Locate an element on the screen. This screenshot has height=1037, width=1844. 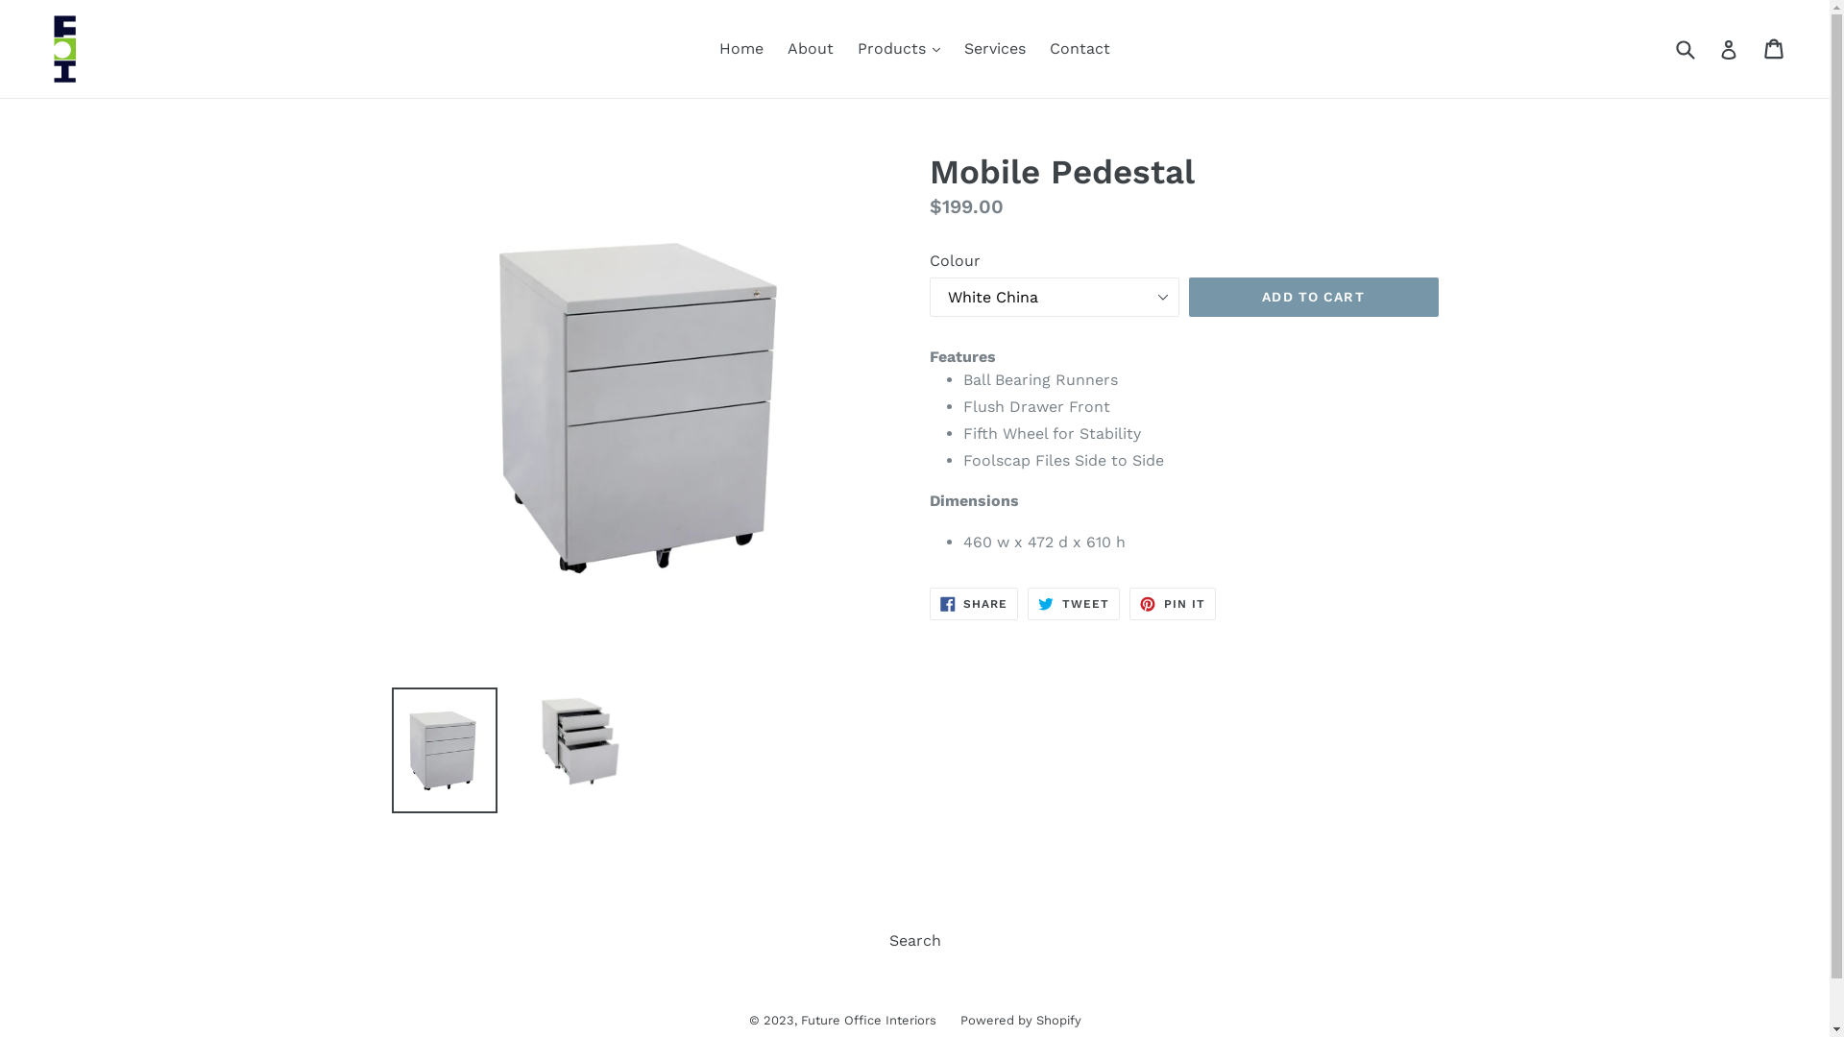
'TWEET is located at coordinates (1073, 602).